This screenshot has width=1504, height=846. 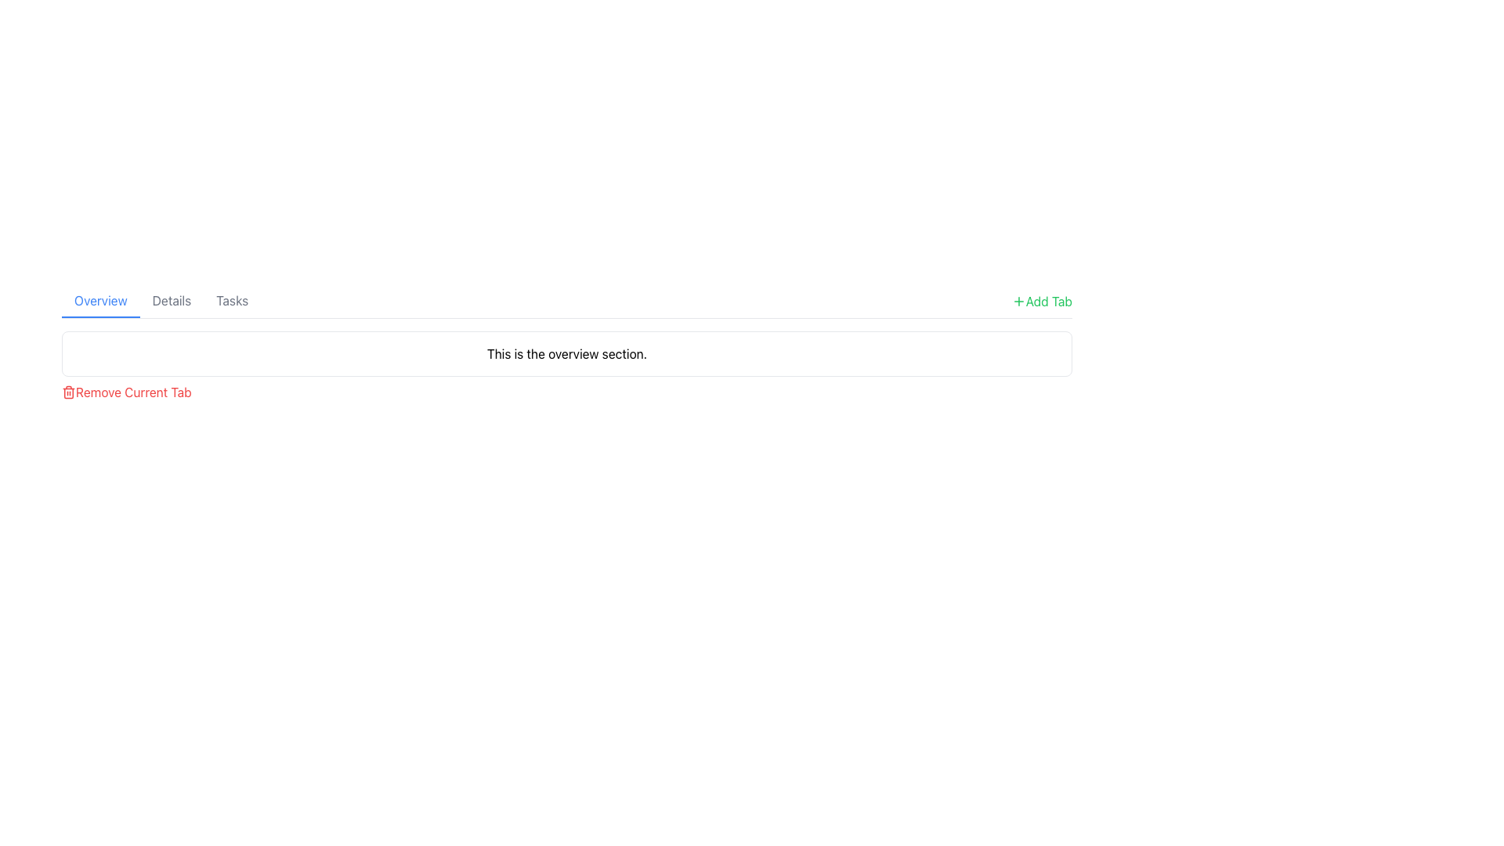 What do you see at coordinates (1018, 302) in the screenshot?
I see `the green plus sign icon button located to the left of the 'Add Tab' label` at bounding box center [1018, 302].